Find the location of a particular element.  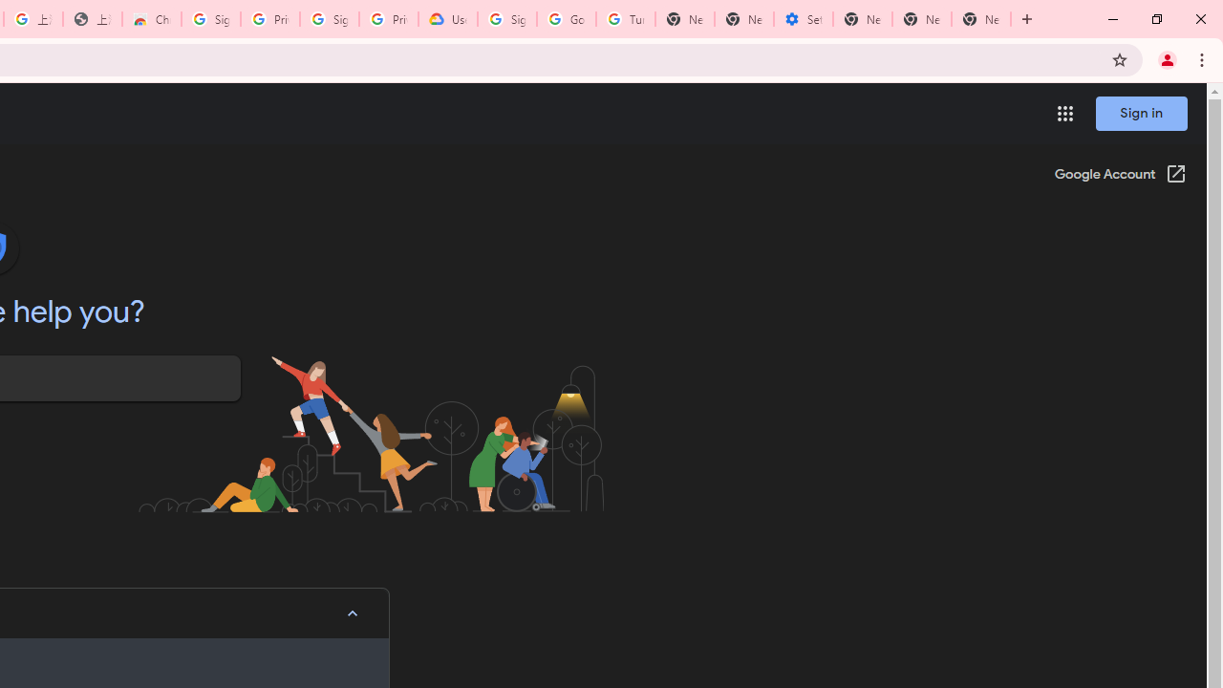

'Chrome Web Store - Color themes by Chrome' is located at coordinates (150, 19).